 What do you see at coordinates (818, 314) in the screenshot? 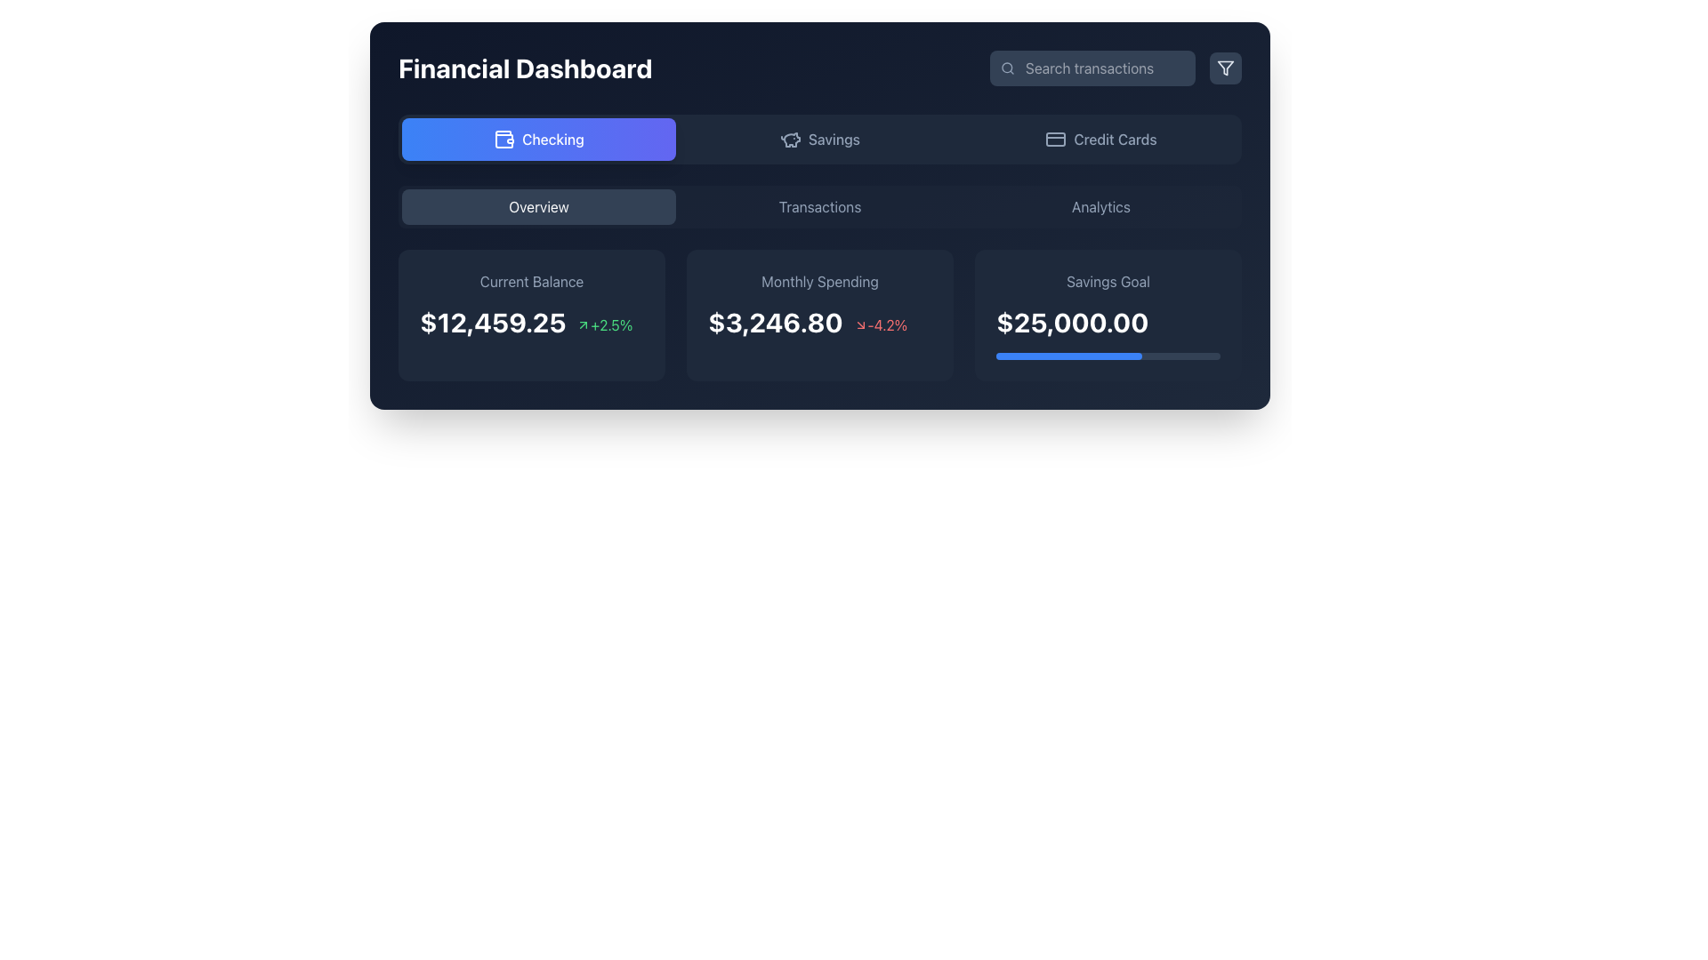
I see `the Informational Card that displays the current monthly spending figure and percentage change indicator, located in the center of a three-column grid` at bounding box center [818, 314].